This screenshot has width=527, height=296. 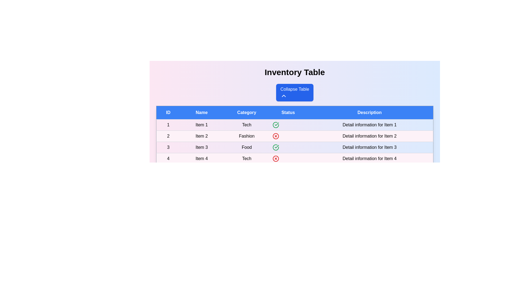 I want to click on the row with ID 2 to highlight it, so click(x=295, y=136).